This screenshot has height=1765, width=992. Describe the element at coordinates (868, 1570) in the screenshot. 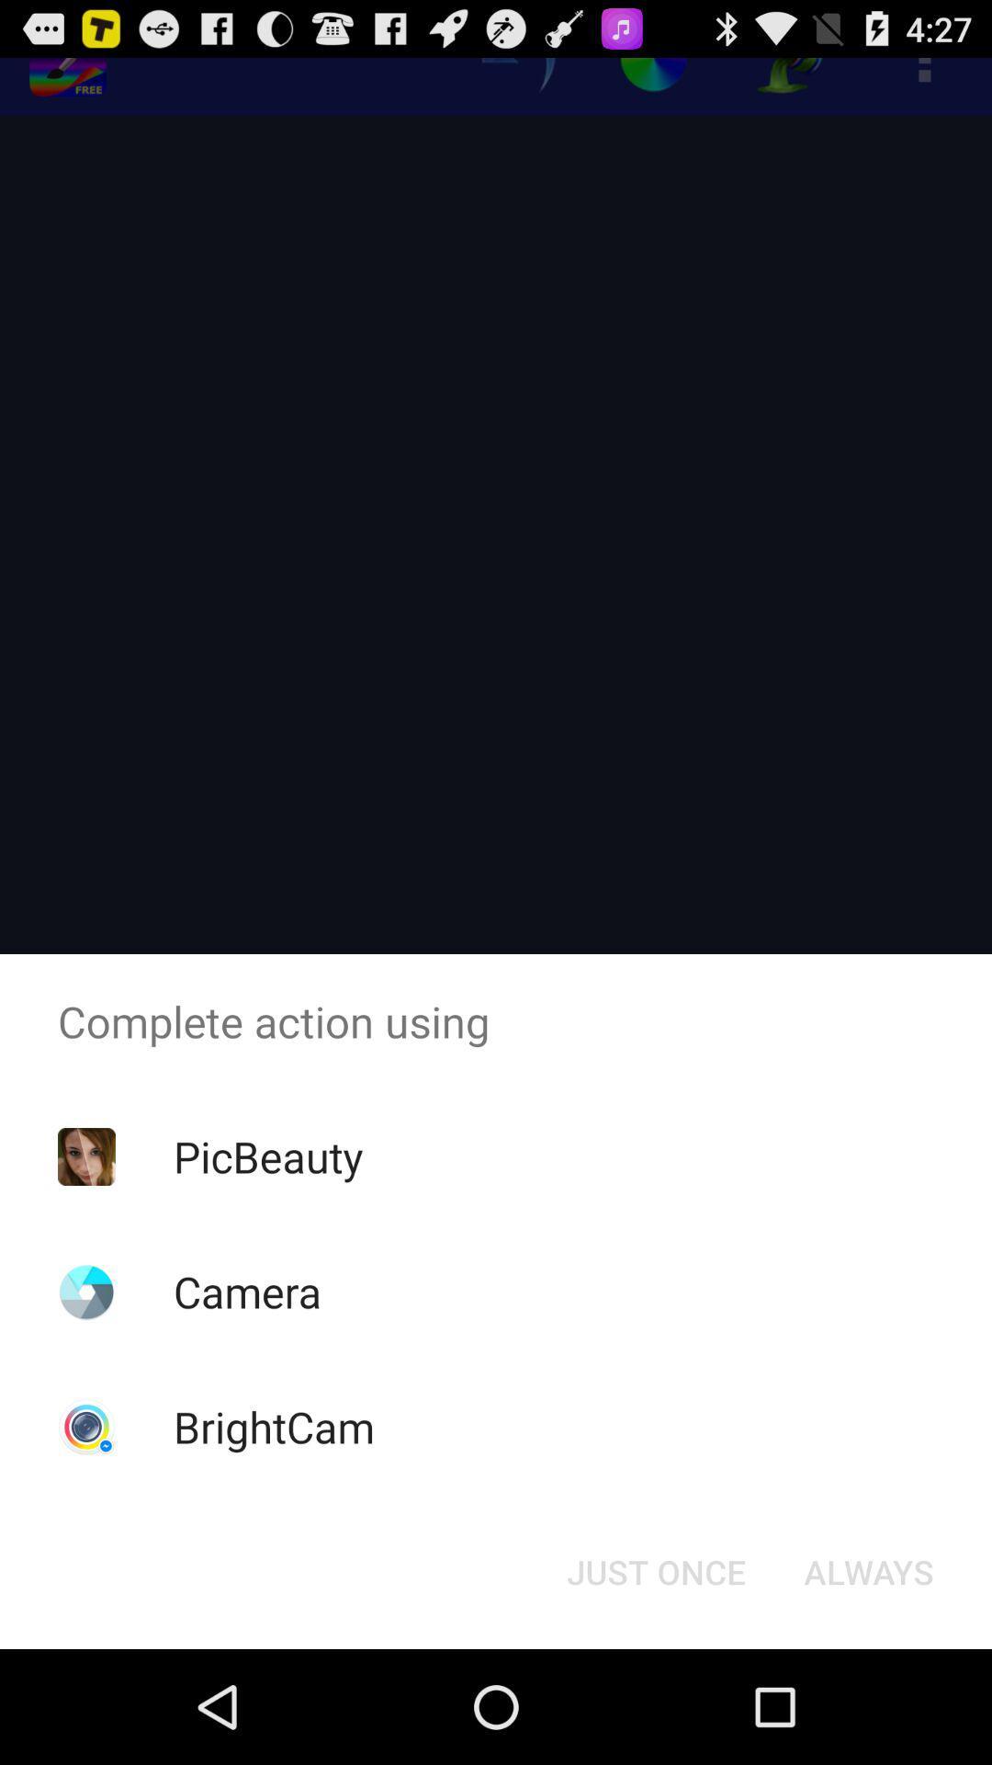

I see `the always icon` at that location.